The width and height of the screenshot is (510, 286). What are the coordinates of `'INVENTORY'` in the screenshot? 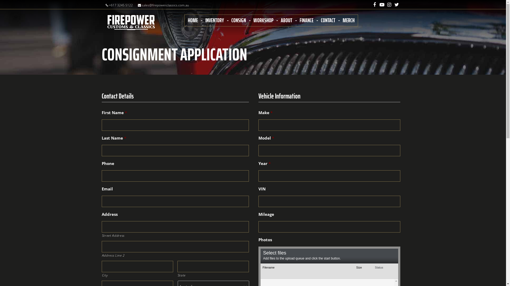 It's located at (214, 20).